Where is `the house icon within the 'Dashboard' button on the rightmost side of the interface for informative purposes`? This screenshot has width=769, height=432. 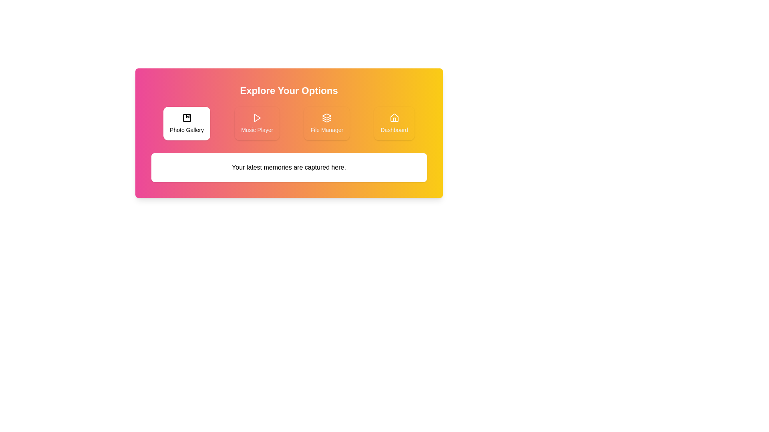
the house icon within the 'Dashboard' button on the rightmost side of the interface for informative purposes is located at coordinates (394, 118).